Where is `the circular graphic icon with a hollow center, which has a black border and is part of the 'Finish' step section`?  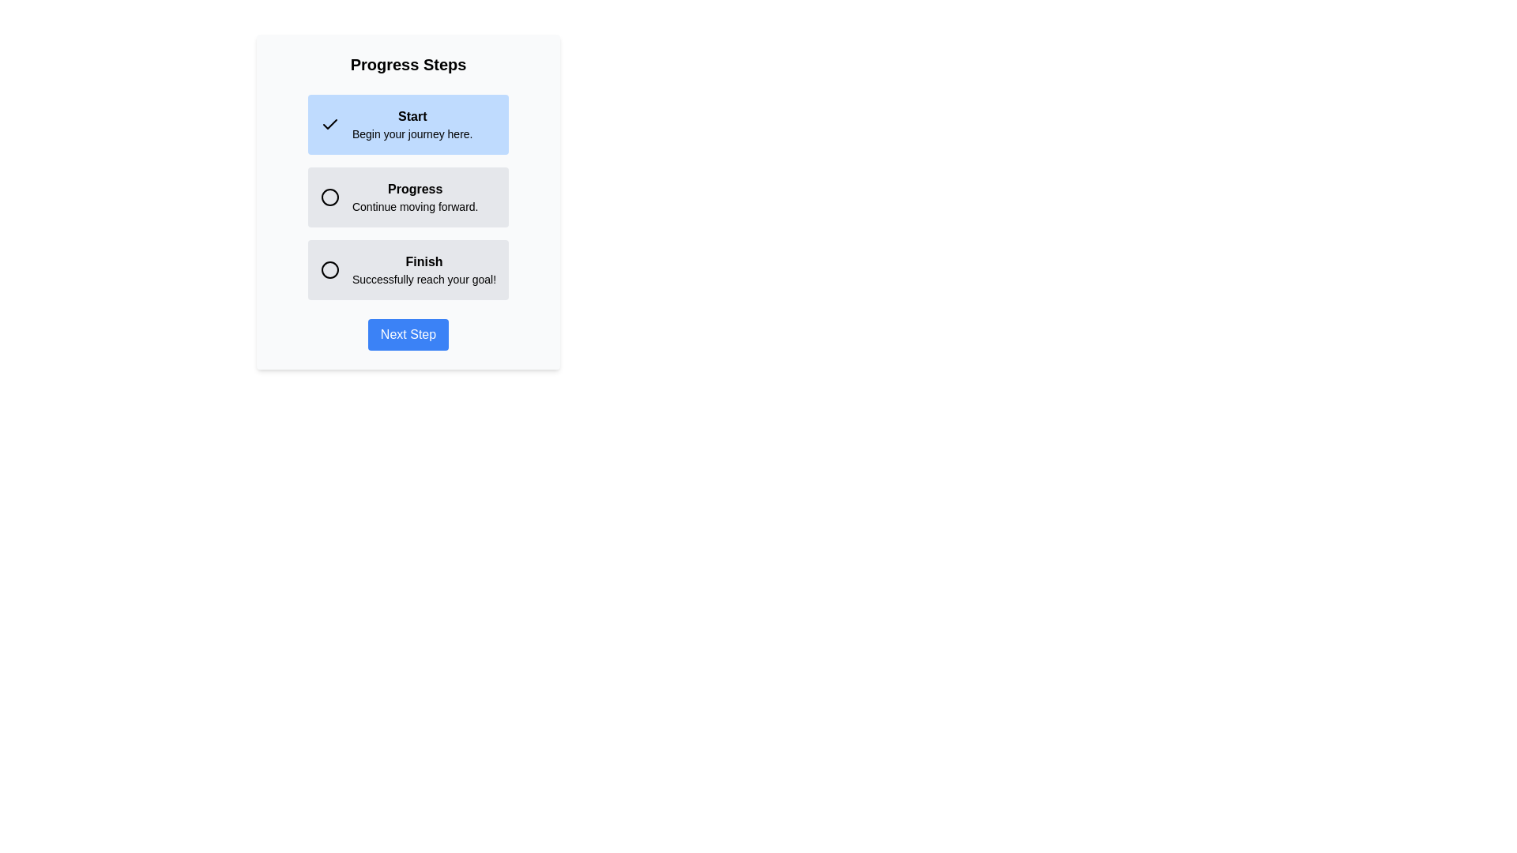
the circular graphic icon with a hollow center, which has a black border and is part of the 'Finish' step section is located at coordinates (329, 269).